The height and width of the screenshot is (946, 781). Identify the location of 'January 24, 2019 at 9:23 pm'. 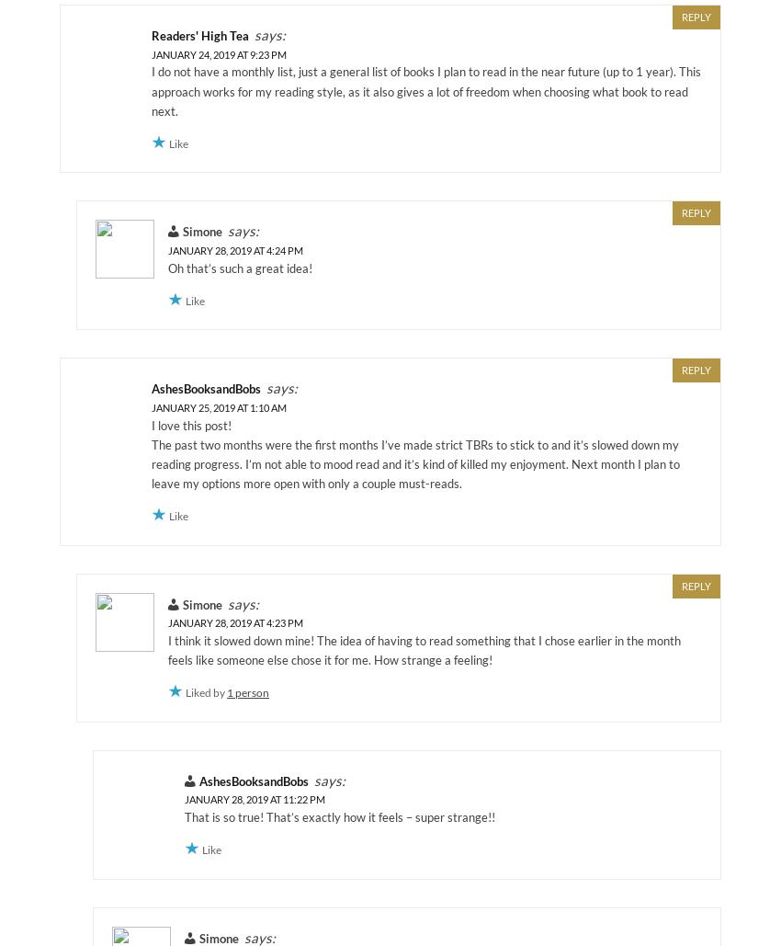
(219, 53).